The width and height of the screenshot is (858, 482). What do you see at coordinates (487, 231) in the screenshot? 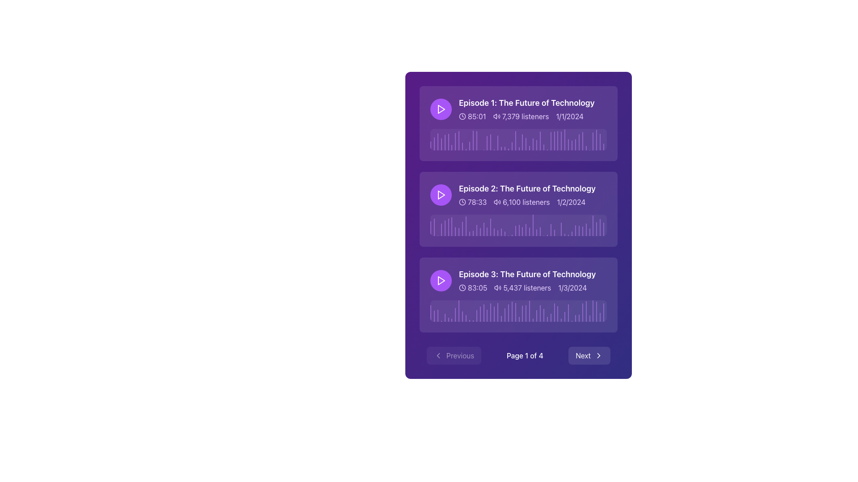
I see `the 17th decorative indicator within the 'Episode 2' waveform visualization, which visually represents a specific point in the audio playback progress` at bounding box center [487, 231].